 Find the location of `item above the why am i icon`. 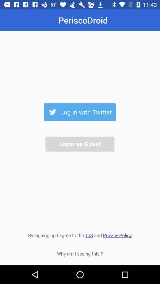

item above the why am i icon is located at coordinates (80, 235).